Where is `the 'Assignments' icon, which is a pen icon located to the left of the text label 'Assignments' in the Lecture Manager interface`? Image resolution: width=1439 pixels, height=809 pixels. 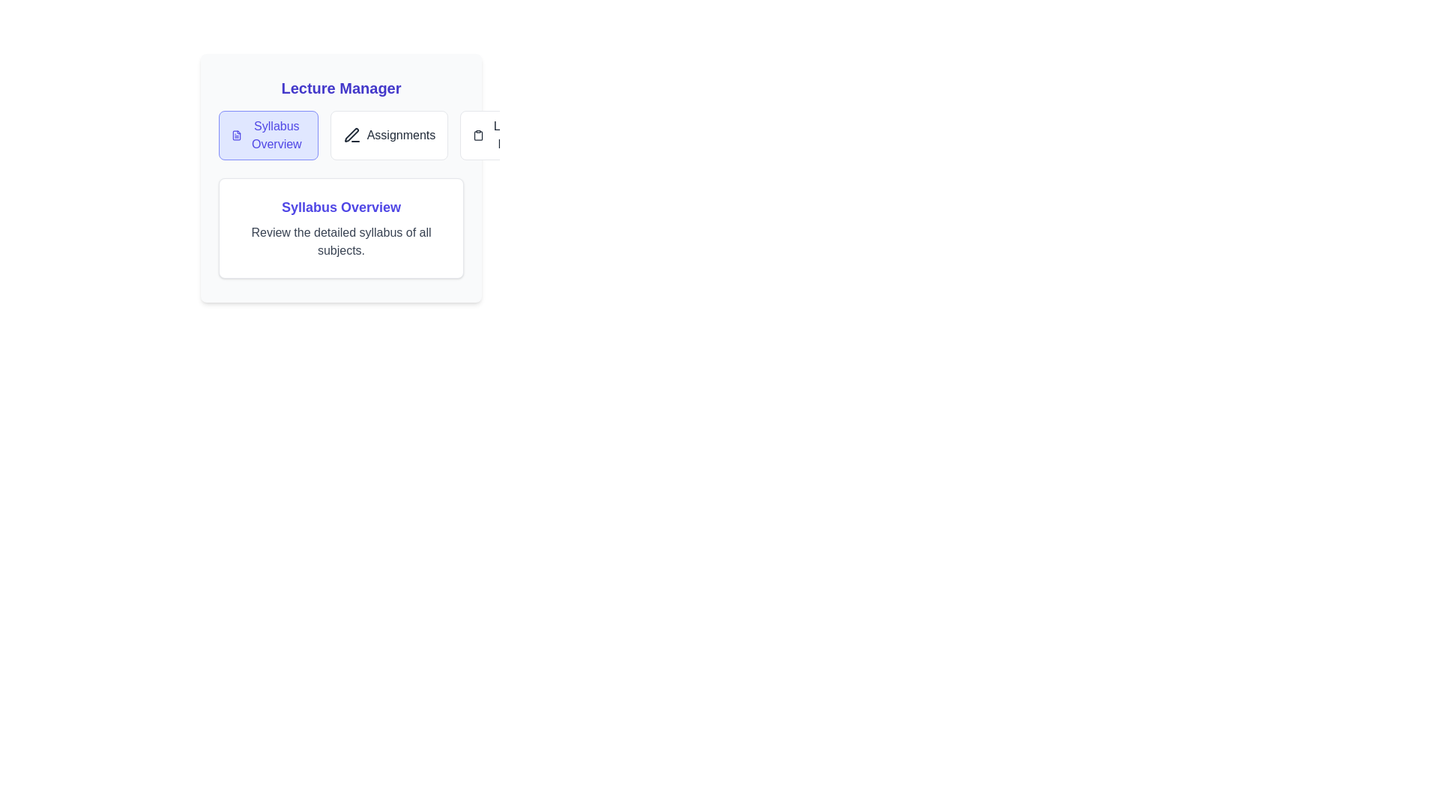
the 'Assignments' icon, which is a pen icon located to the left of the text label 'Assignments' in the Lecture Manager interface is located at coordinates (351, 136).